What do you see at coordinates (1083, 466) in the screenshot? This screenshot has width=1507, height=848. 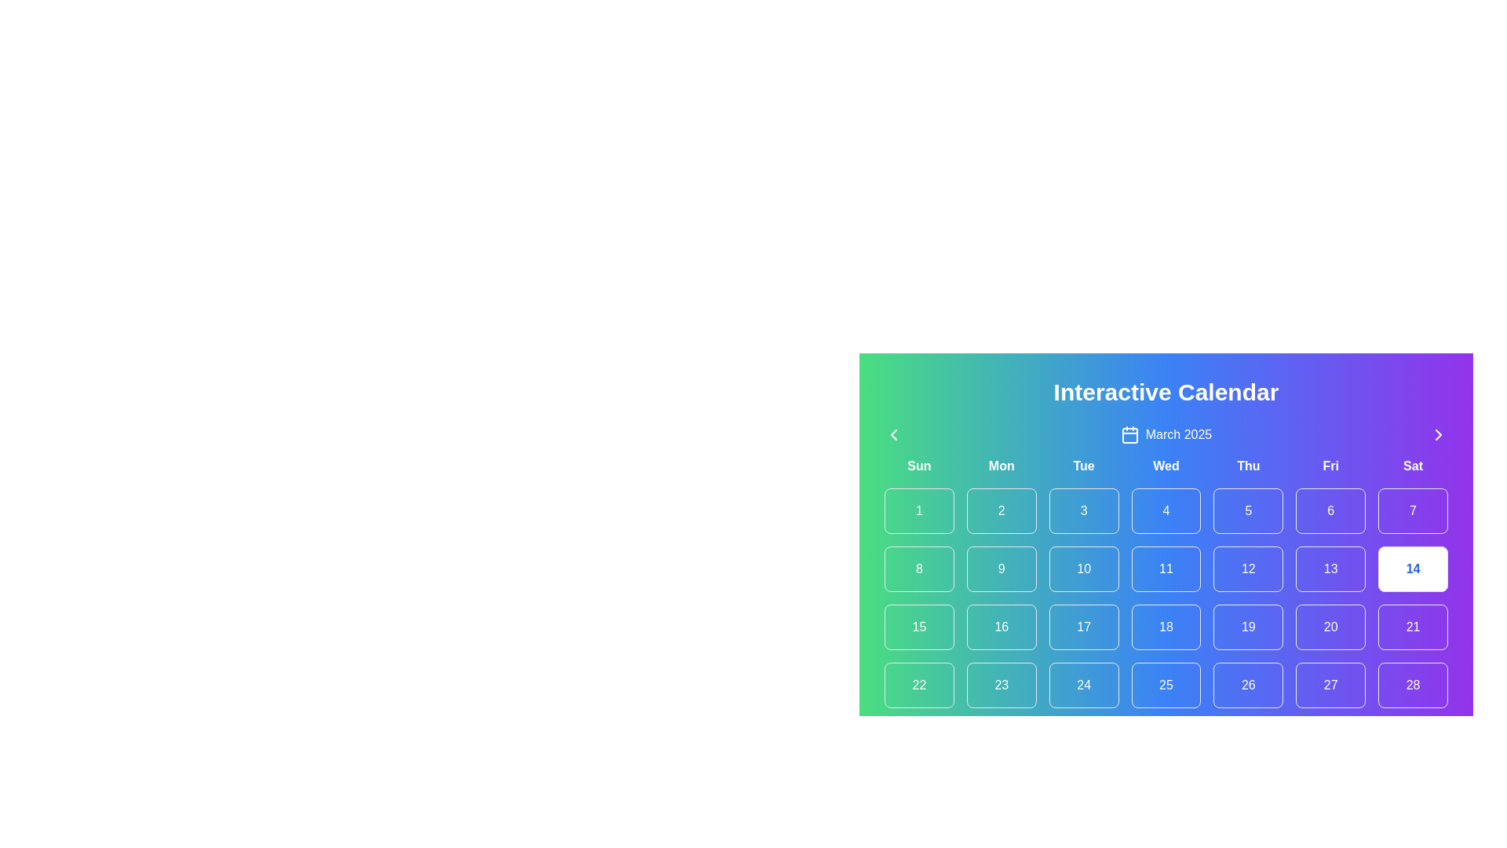 I see `the text label displaying 'Tue', which is the third item in a row of day abbreviations on the calendar UI` at bounding box center [1083, 466].